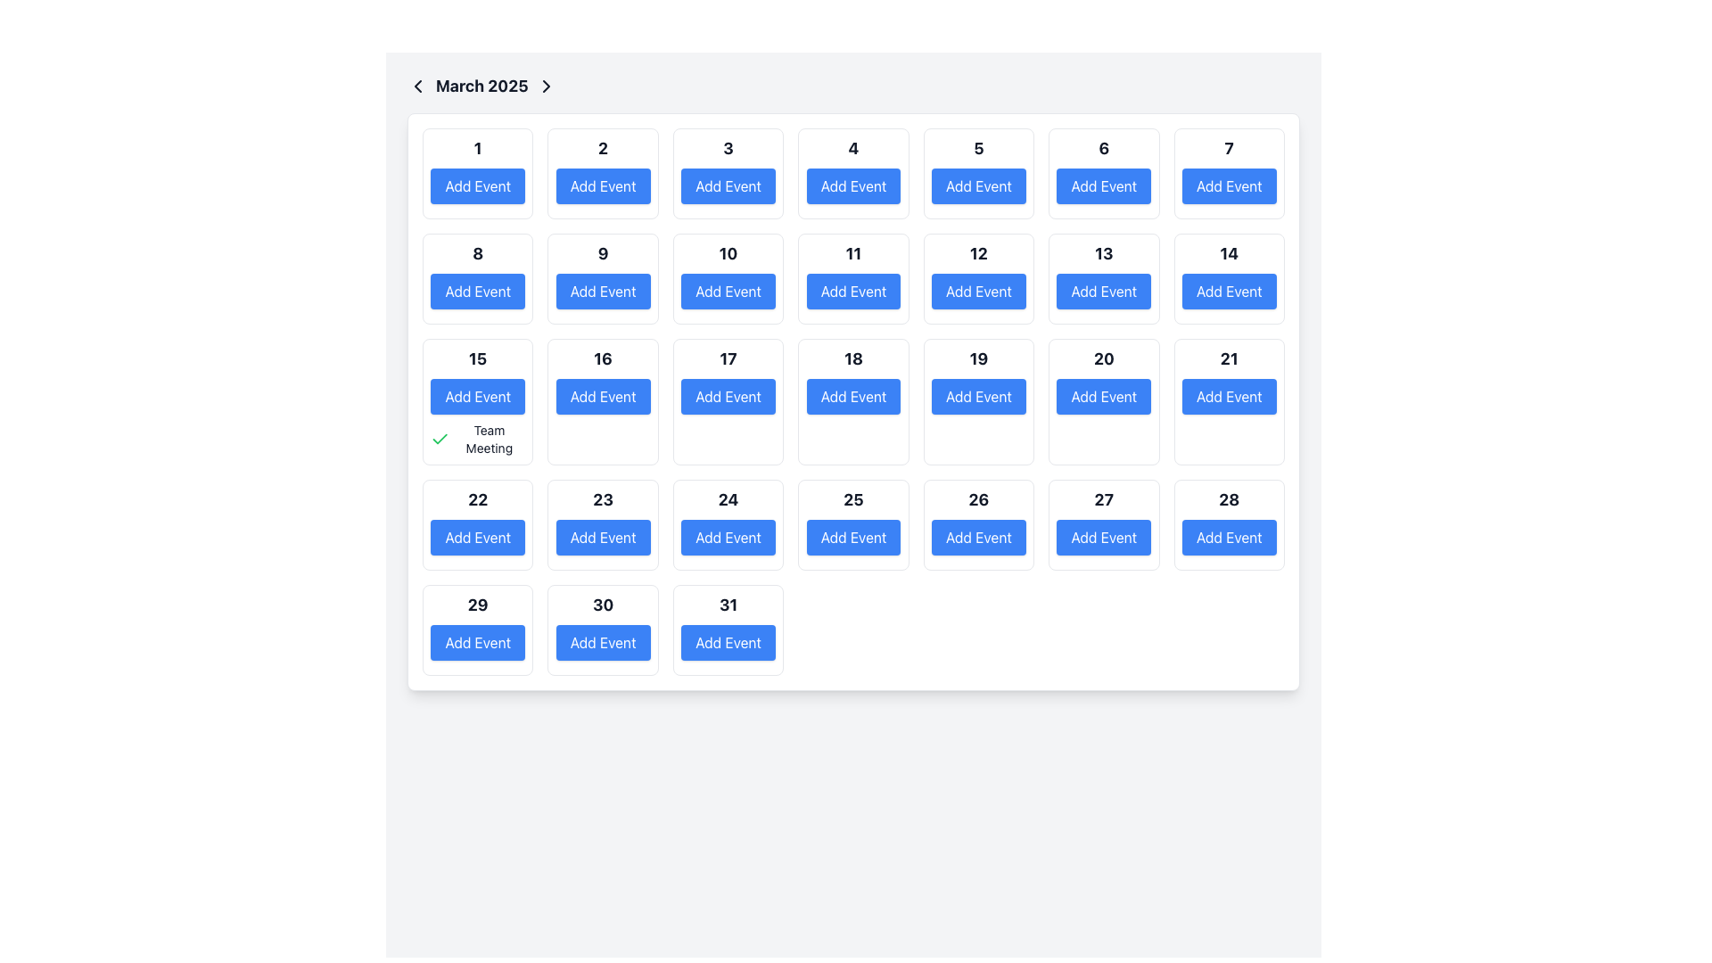 The image size is (1712, 963). What do you see at coordinates (603, 402) in the screenshot?
I see `the 'Add Event' button for the 16th day of the month in the calendar display to change its appearance` at bounding box center [603, 402].